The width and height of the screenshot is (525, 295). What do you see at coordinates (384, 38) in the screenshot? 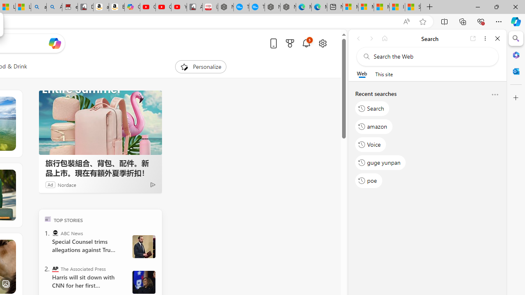
I see `'Home'` at bounding box center [384, 38].